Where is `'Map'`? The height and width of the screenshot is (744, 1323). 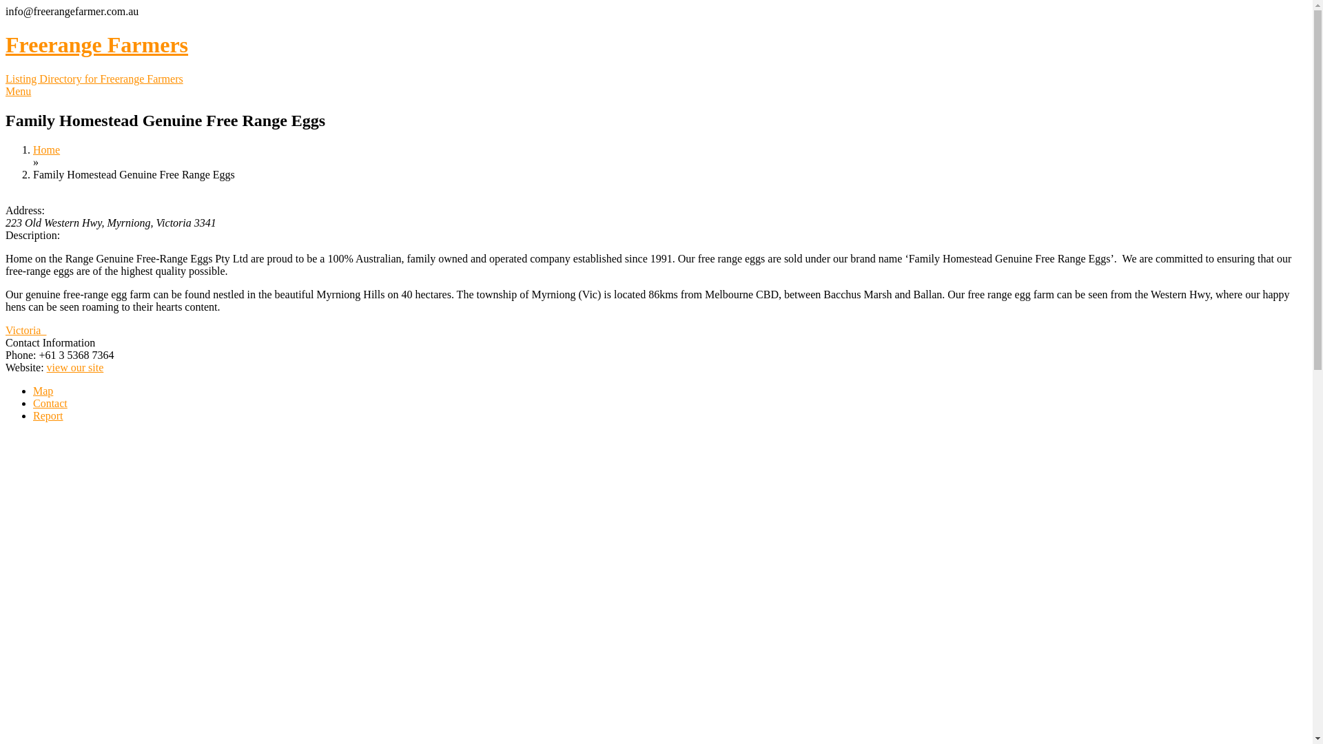 'Map' is located at coordinates (33, 391).